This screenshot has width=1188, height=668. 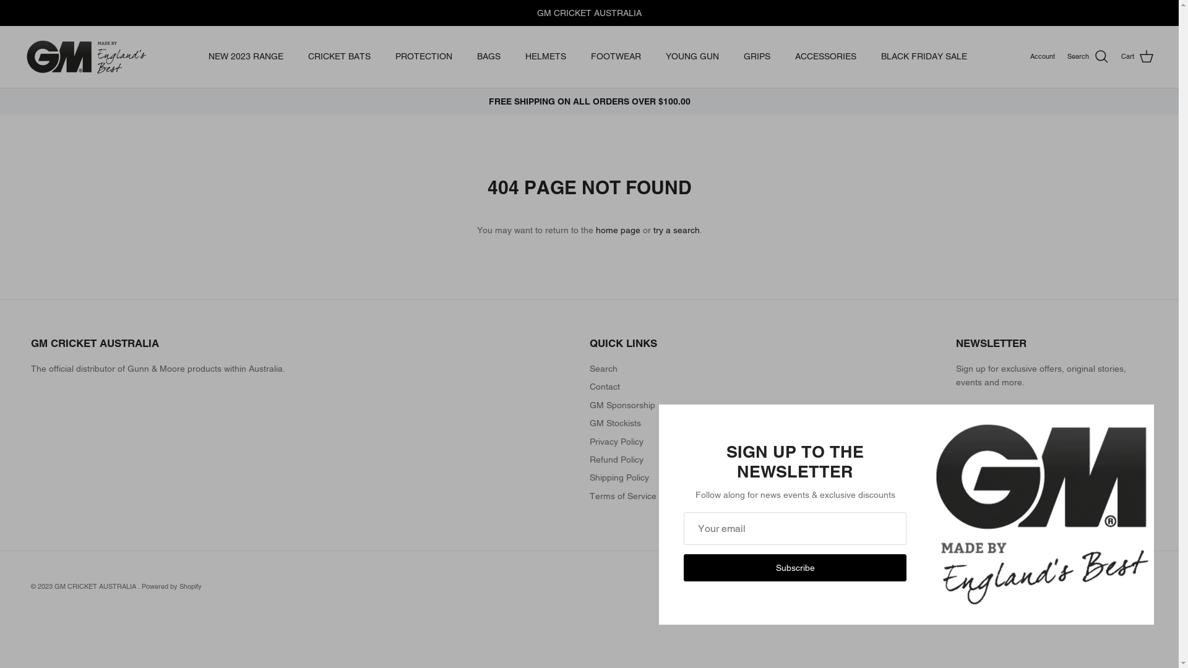 I want to click on 'Search', so click(x=603, y=368).